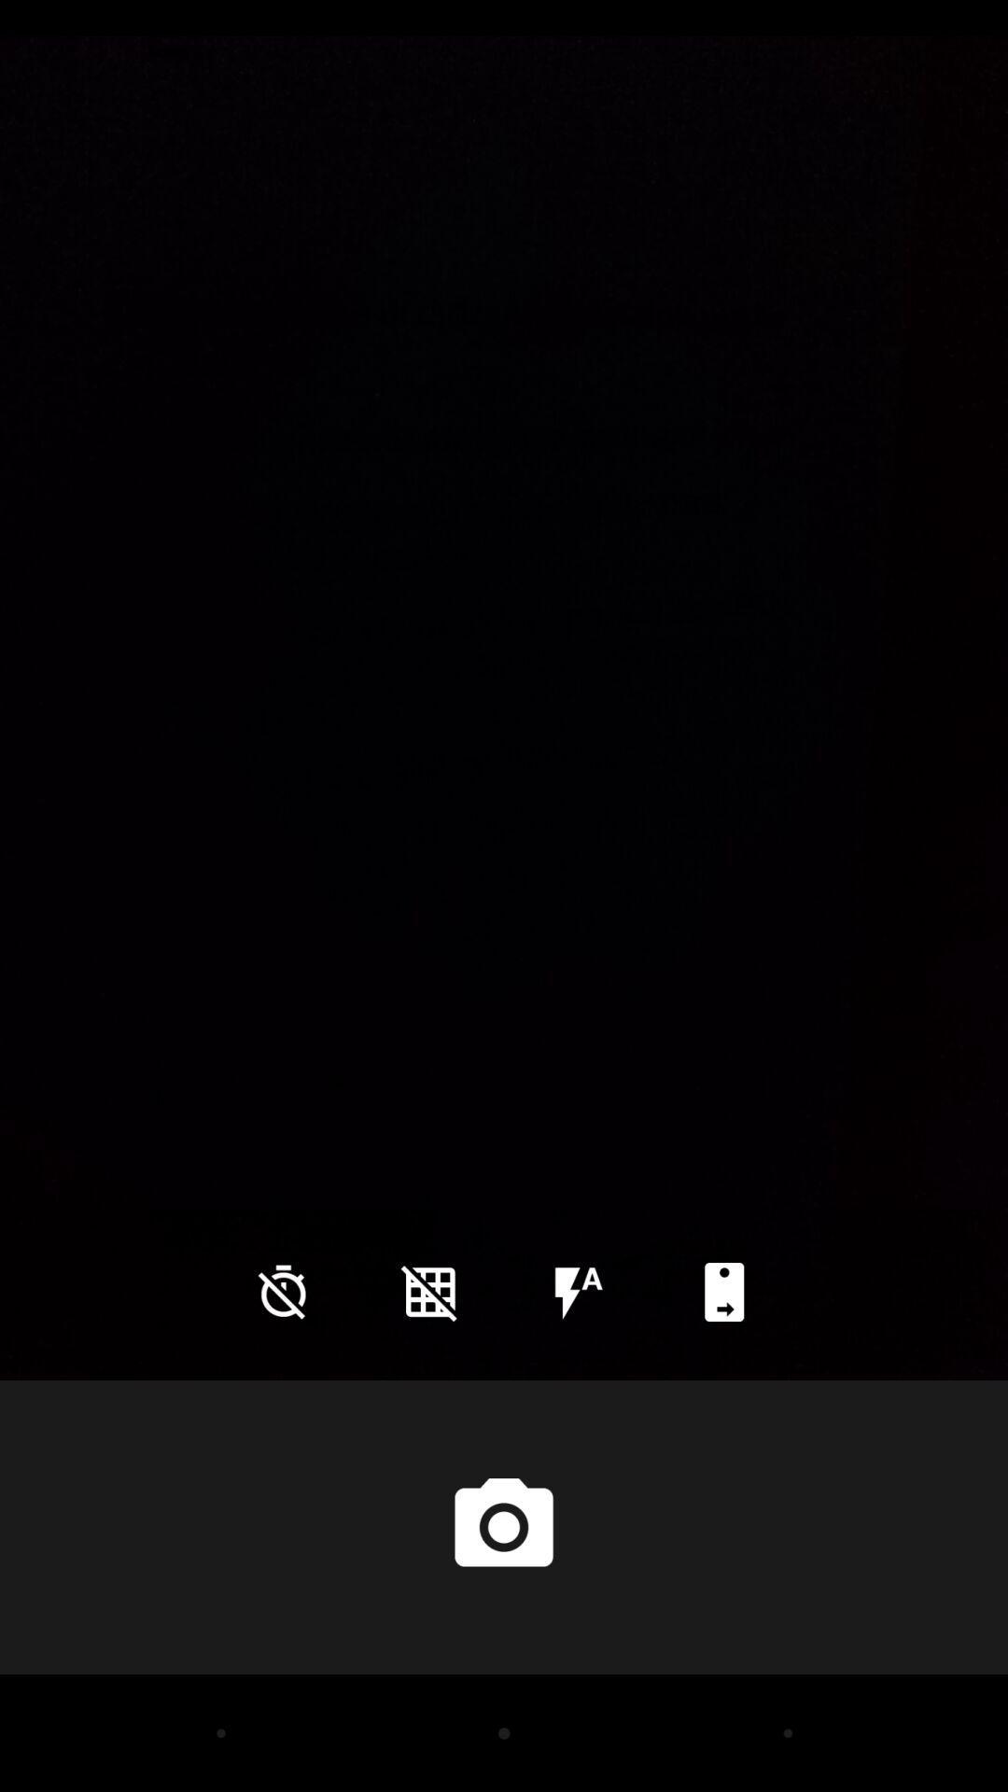  Describe the element at coordinates (723, 1291) in the screenshot. I see `item at the bottom right corner` at that location.